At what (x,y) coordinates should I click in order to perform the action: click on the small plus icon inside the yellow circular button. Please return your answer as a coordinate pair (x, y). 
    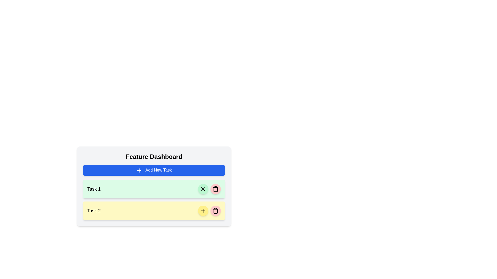
    Looking at the image, I should click on (203, 210).